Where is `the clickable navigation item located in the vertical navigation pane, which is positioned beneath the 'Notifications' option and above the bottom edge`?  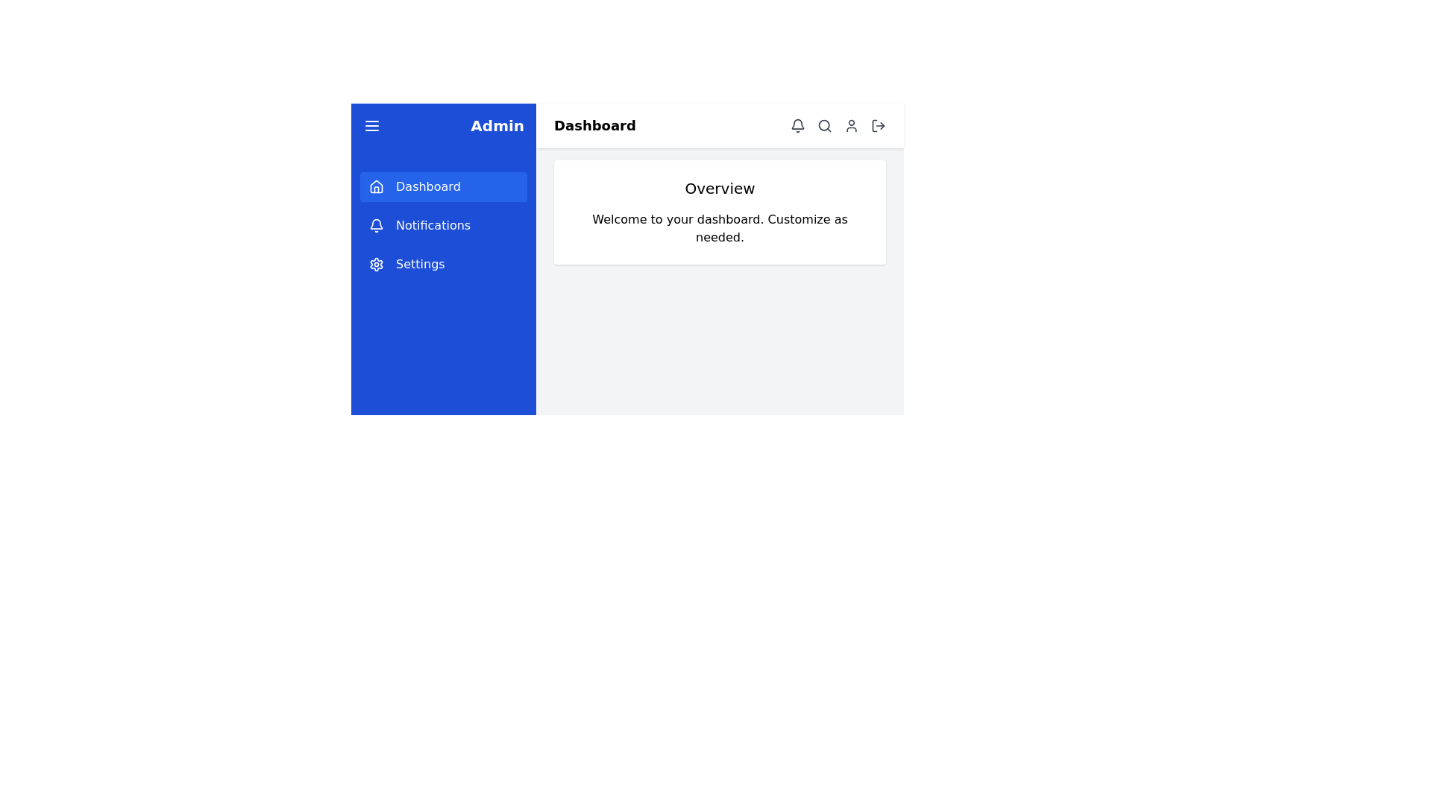
the clickable navigation item located in the vertical navigation pane, which is positioned beneath the 'Notifications' option and above the bottom edge is located at coordinates (443, 263).